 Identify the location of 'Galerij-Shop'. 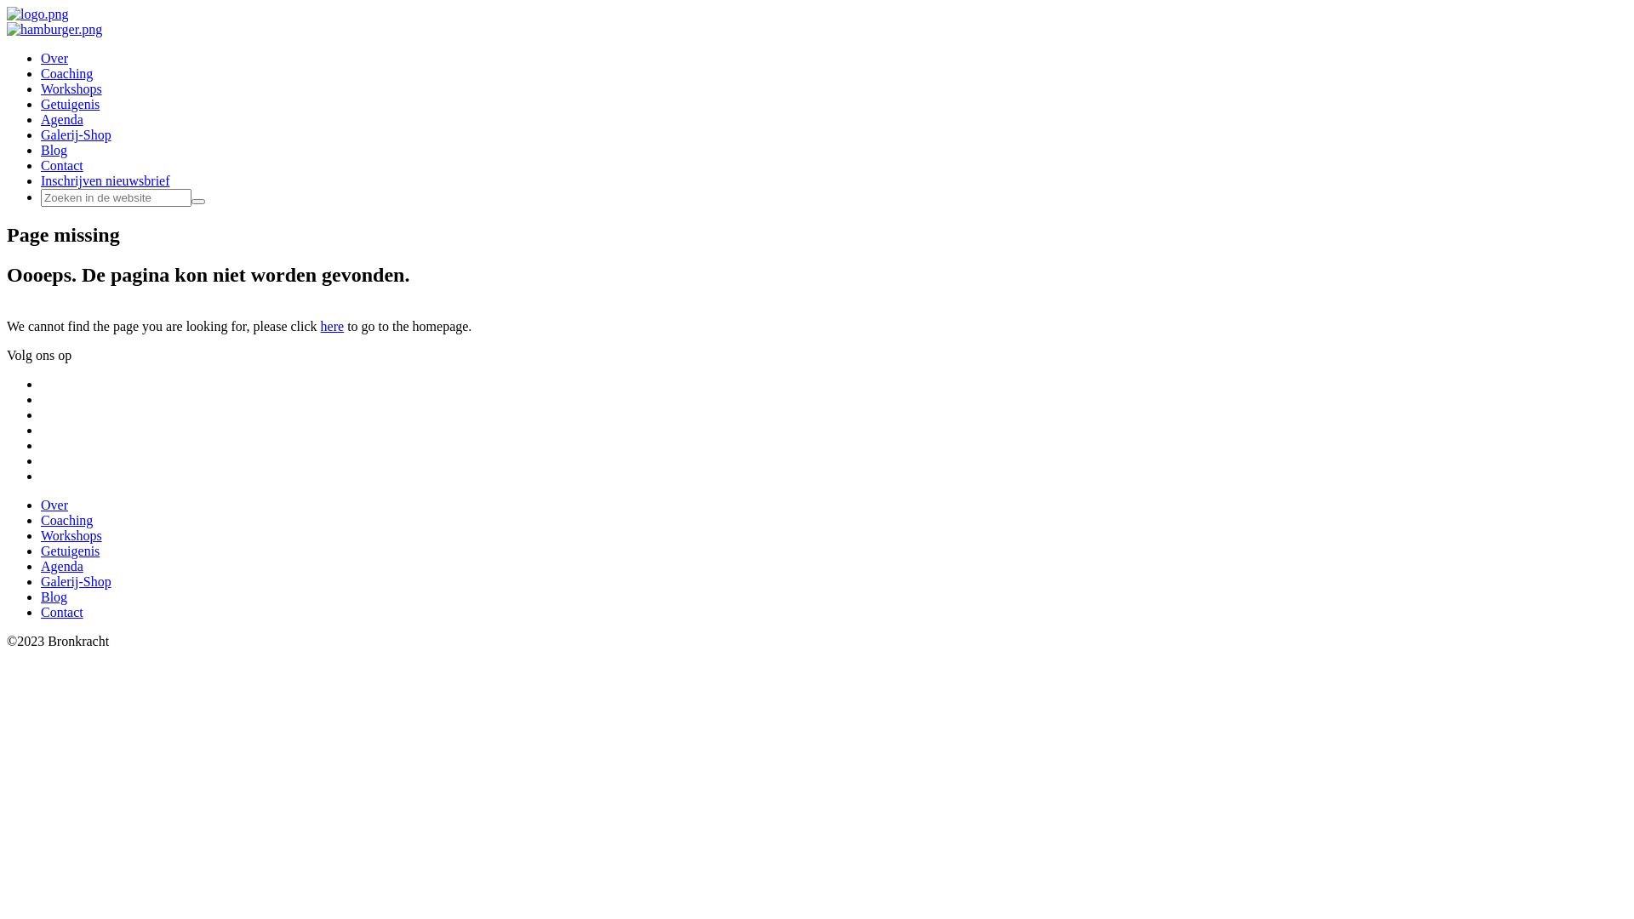
(41, 134).